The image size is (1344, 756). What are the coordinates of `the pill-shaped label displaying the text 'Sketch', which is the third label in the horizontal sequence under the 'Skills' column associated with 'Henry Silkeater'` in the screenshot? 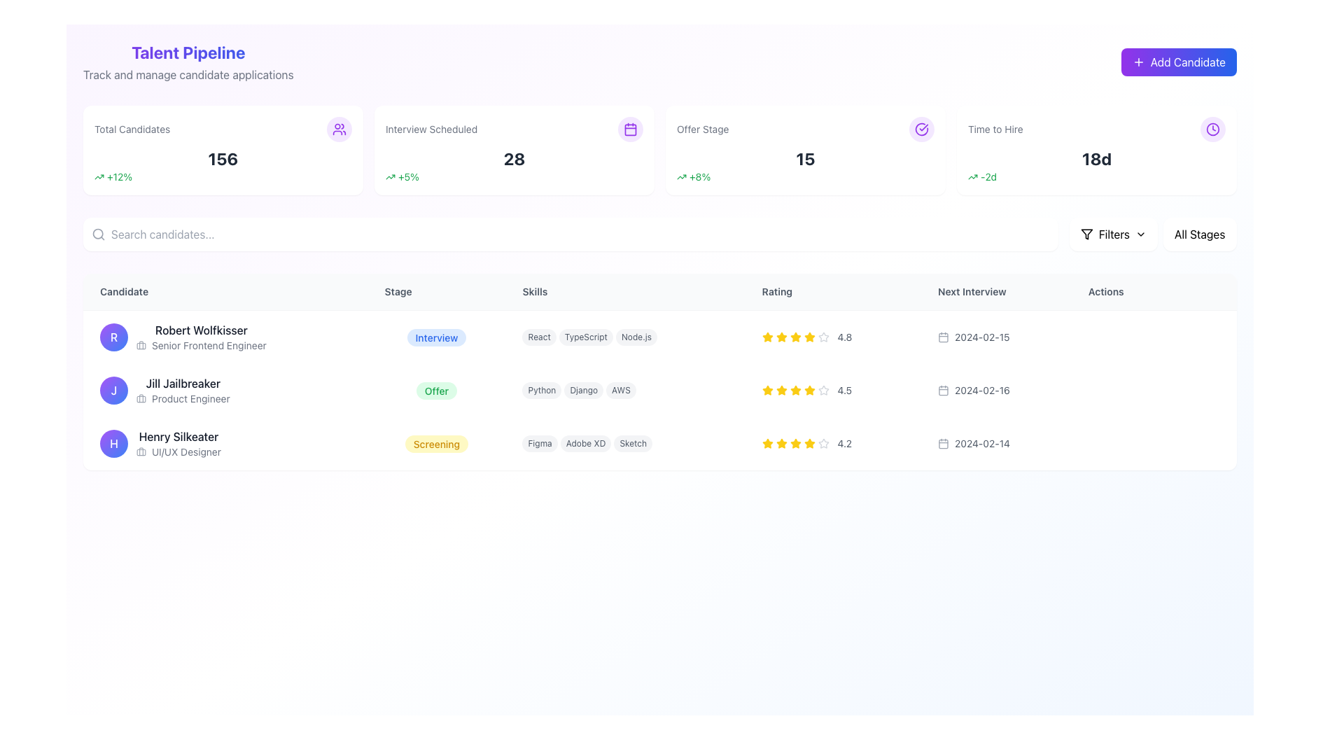 It's located at (632, 443).